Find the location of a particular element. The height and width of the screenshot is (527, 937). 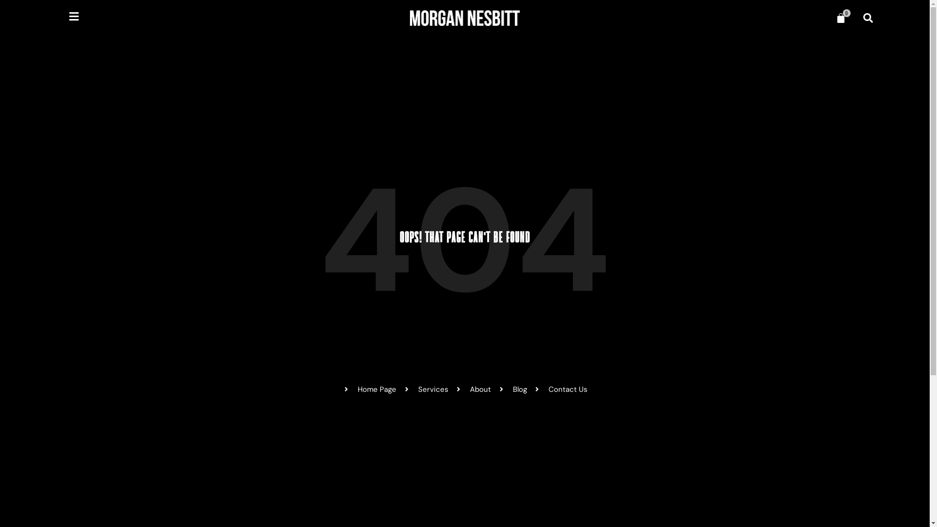

'0' is located at coordinates (829, 18).